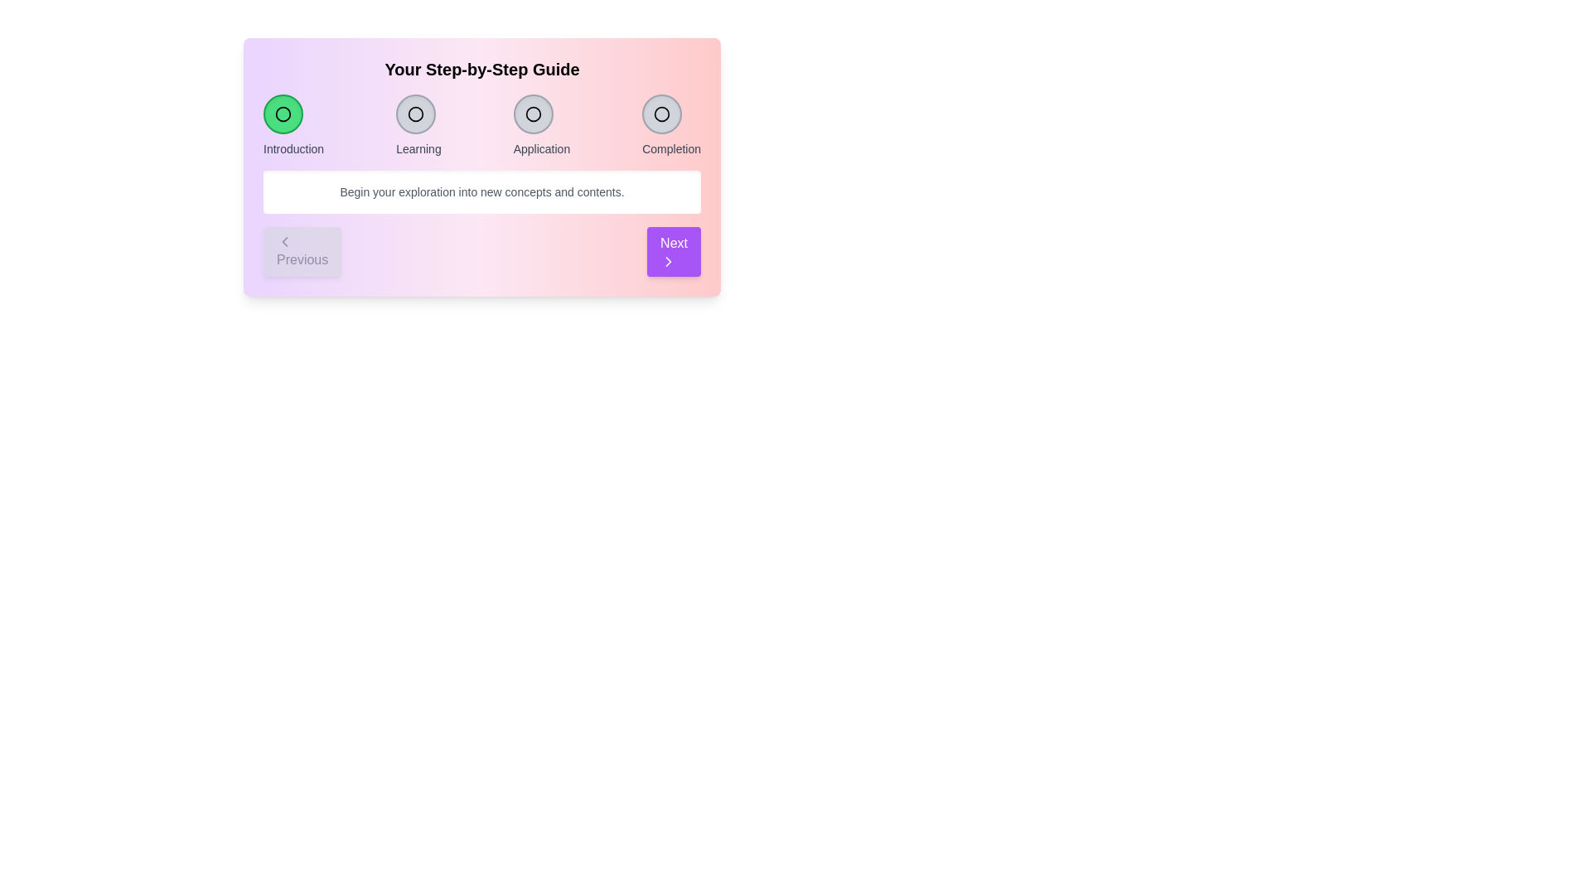  I want to click on the circular button with a light gray background and black outline, which is the third button in a sequence of four in the 'Application' progress tracker, so click(533, 114).